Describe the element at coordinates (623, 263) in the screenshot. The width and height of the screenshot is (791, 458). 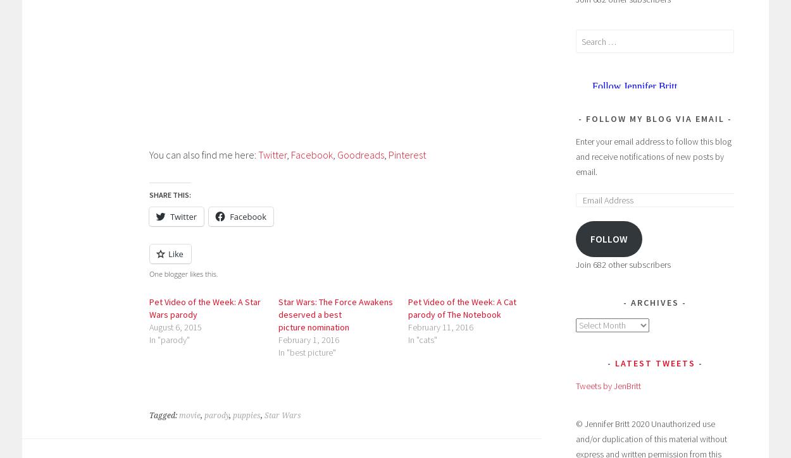
I see `'Join 682 other subscribers'` at that location.